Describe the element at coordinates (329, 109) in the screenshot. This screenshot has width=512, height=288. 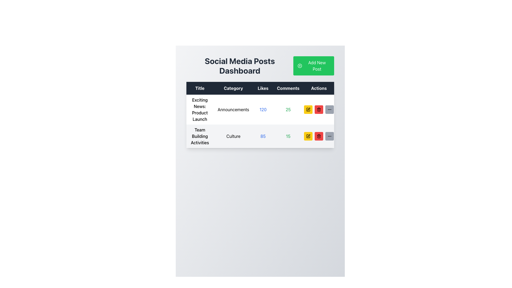
I see `the Ellipsis icon button, which is a graphical icon of three horizontally aligned dots located in the 'Actions' column of the second row of the table` at that location.